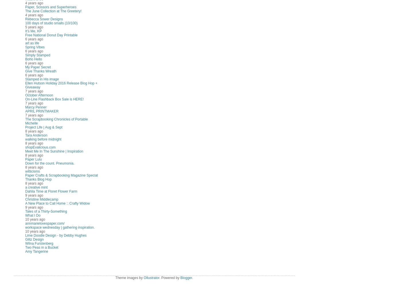  Describe the element at coordinates (25, 127) in the screenshot. I see `'Project Life | Aug & Sept'` at that location.